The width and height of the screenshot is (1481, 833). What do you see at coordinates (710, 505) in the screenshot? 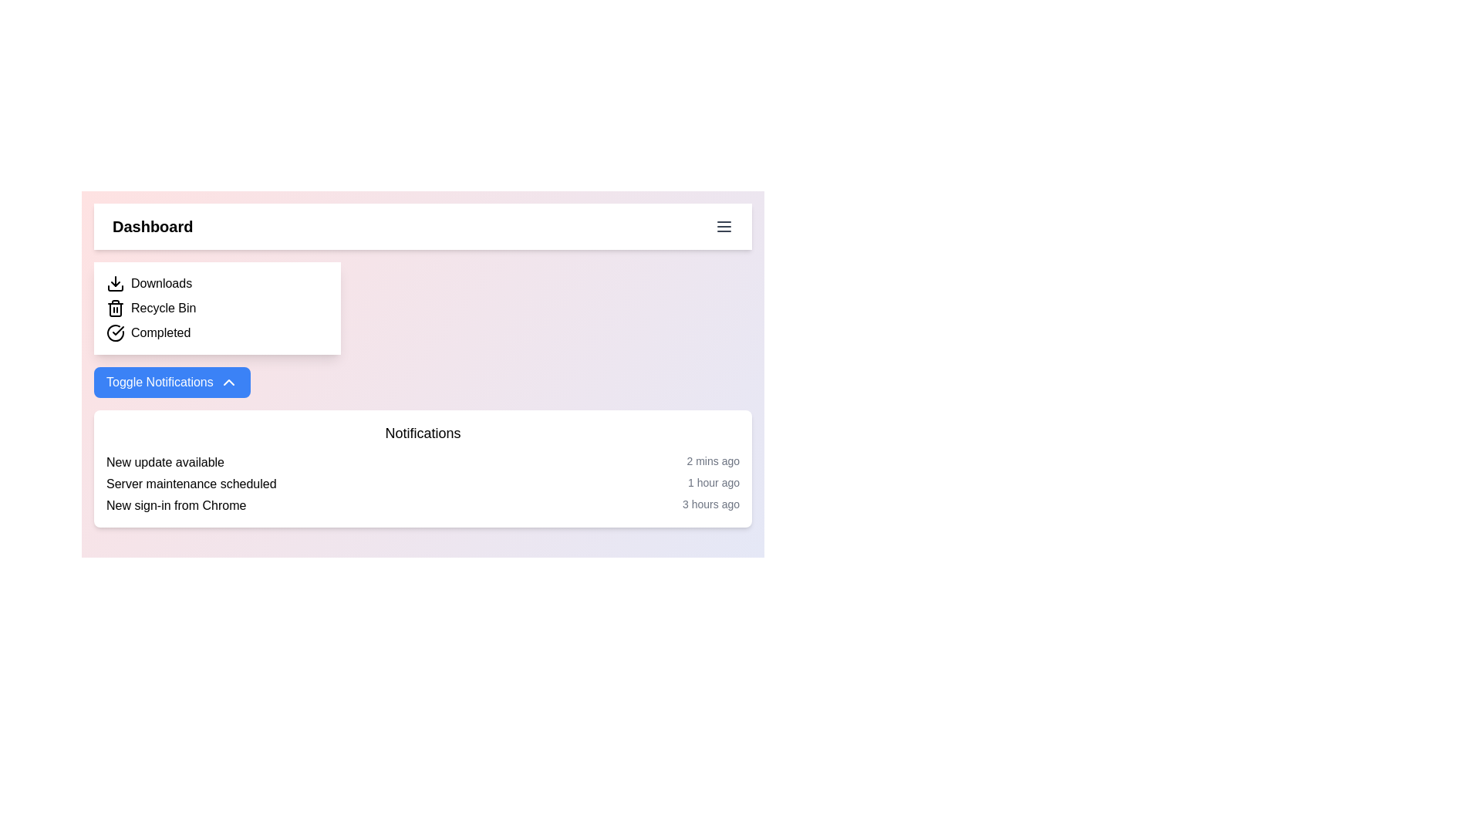
I see `time-stamp text label indicating '3 hours ago', which is located at the bottom right of the notification area following the message 'New sign-in from Chrome'` at bounding box center [710, 505].